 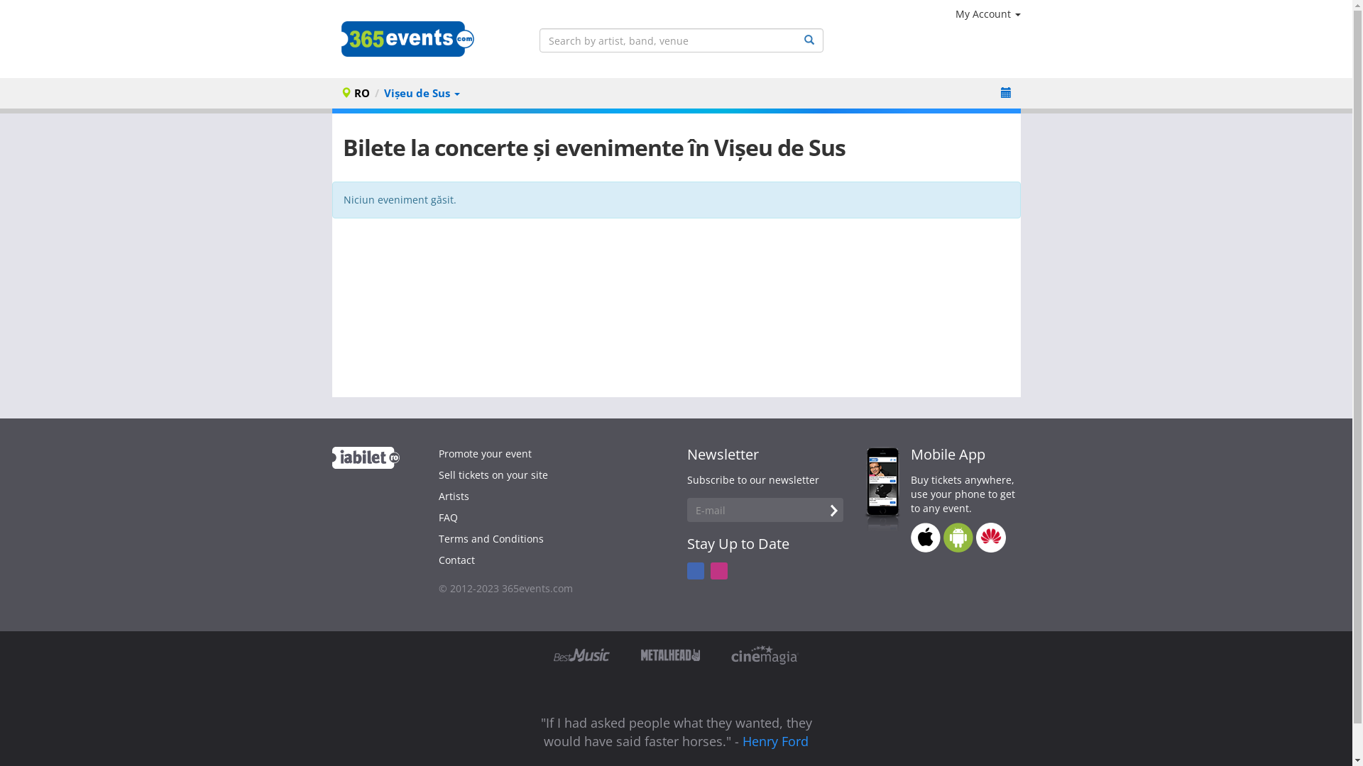 I want to click on 'Terms and Conditions', so click(x=438, y=538).